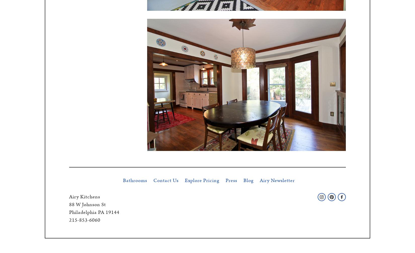 This screenshot has height=253, width=415. Describe the element at coordinates (248, 180) in the screenshot. I see `'Blog'` at that location.